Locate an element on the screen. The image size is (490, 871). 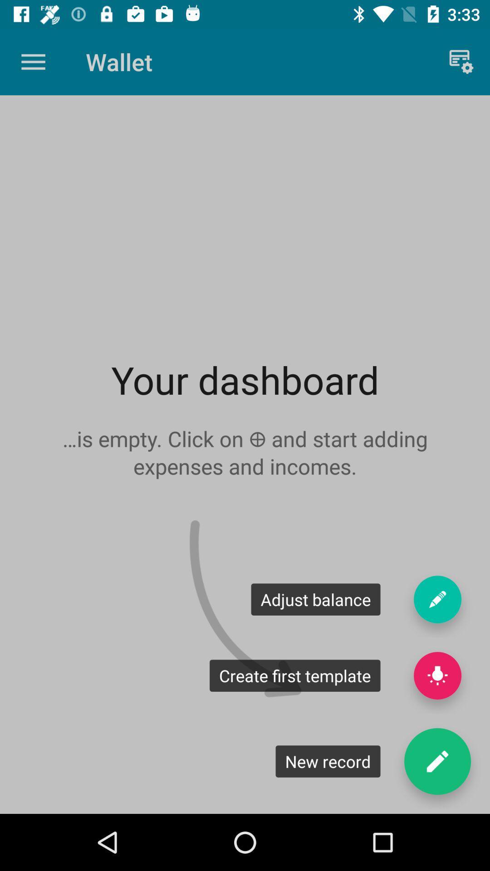
the help icon is located at coordinates (437, 675).